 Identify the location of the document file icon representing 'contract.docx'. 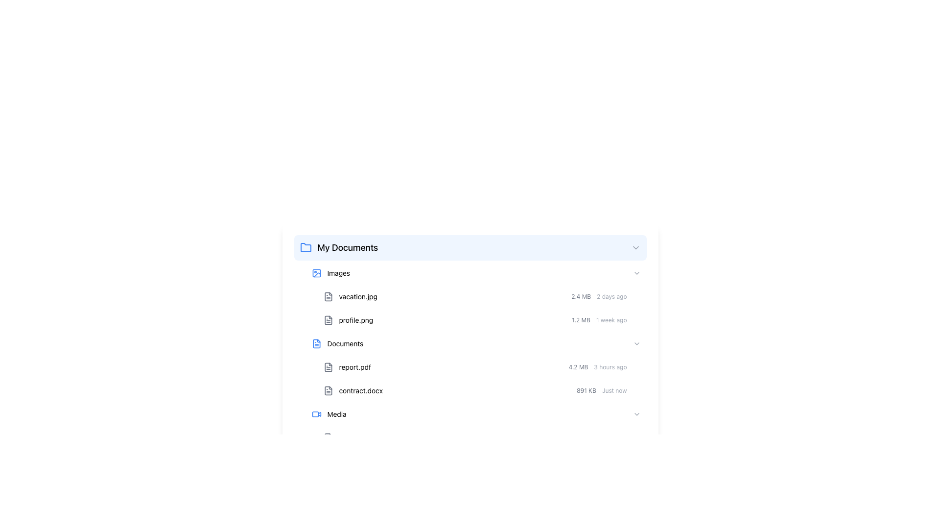
(328, 390).